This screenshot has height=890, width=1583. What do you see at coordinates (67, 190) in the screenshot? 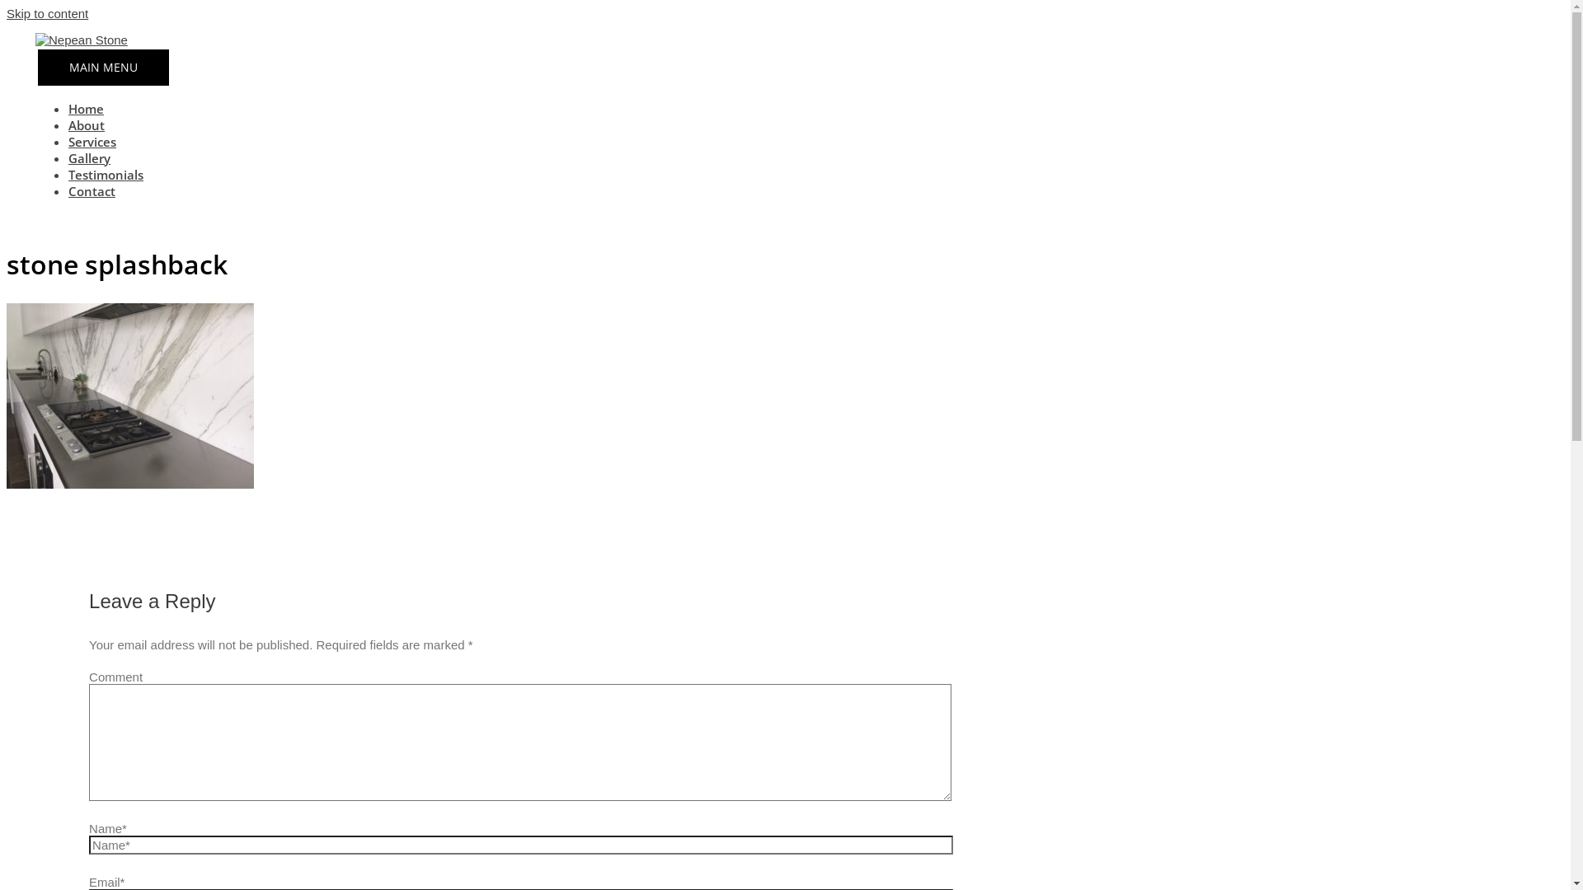
I see `'Contact'` at bounding box center [67, 190].